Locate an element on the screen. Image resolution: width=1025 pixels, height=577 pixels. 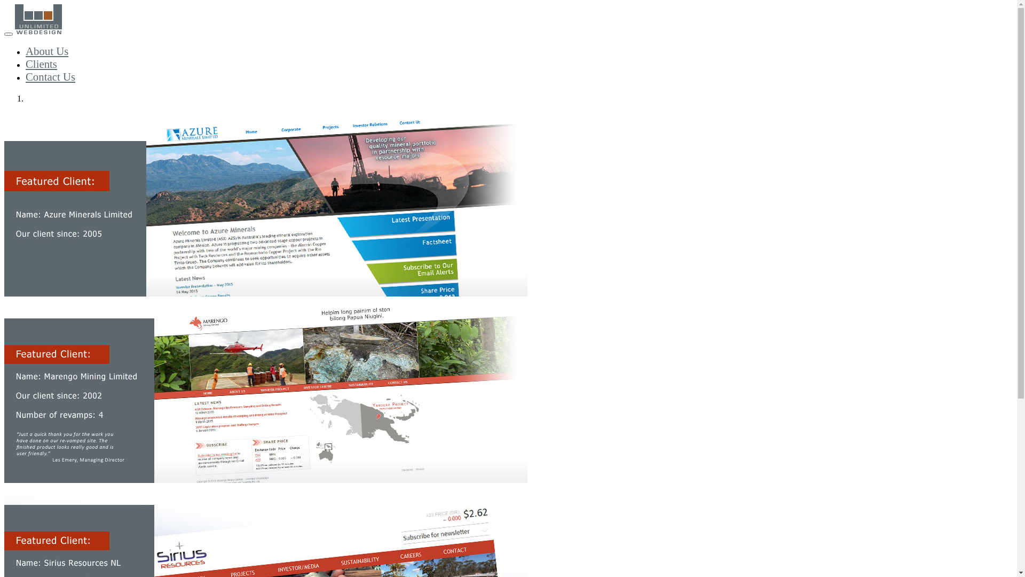
'Clients' is located at coordinates (41, 64).